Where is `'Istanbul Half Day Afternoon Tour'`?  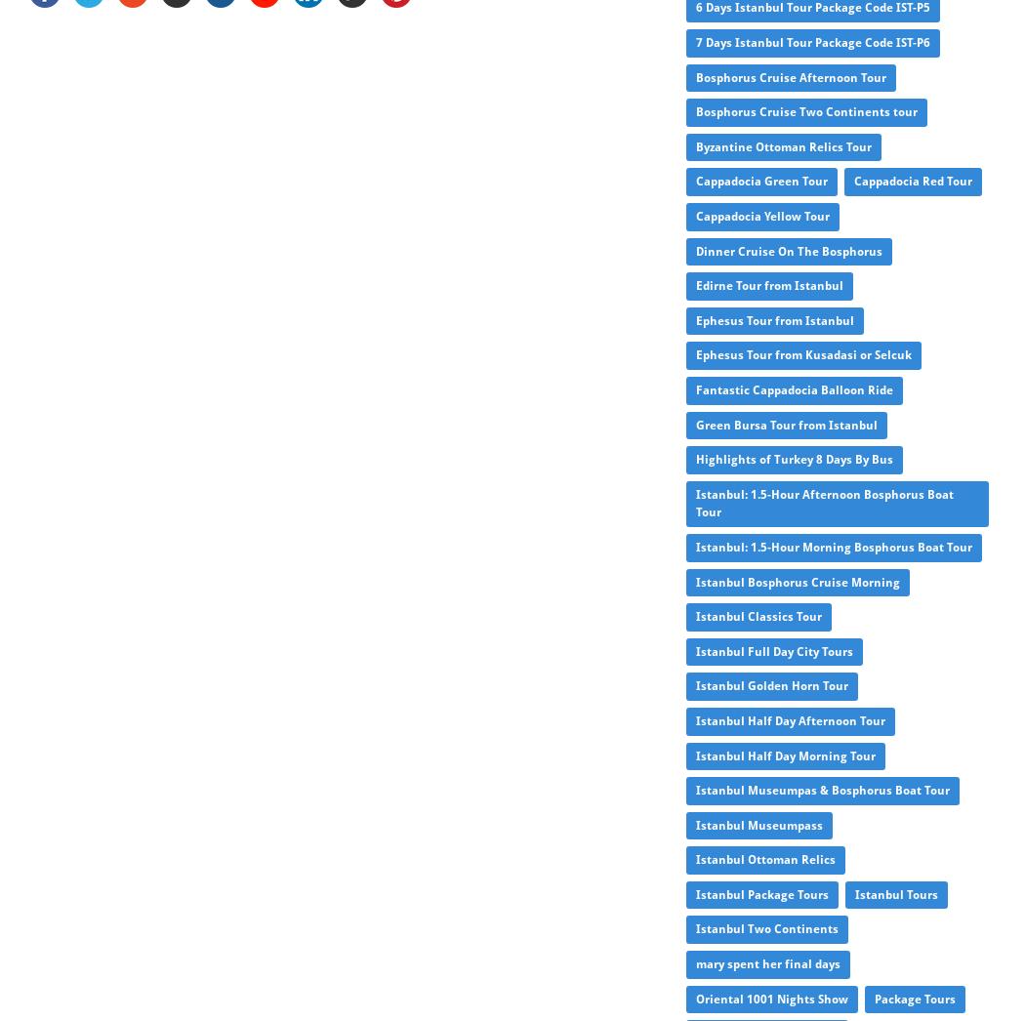 'Istanbul Half Day Afternoon Tour' is located at coordinates (789, 718).